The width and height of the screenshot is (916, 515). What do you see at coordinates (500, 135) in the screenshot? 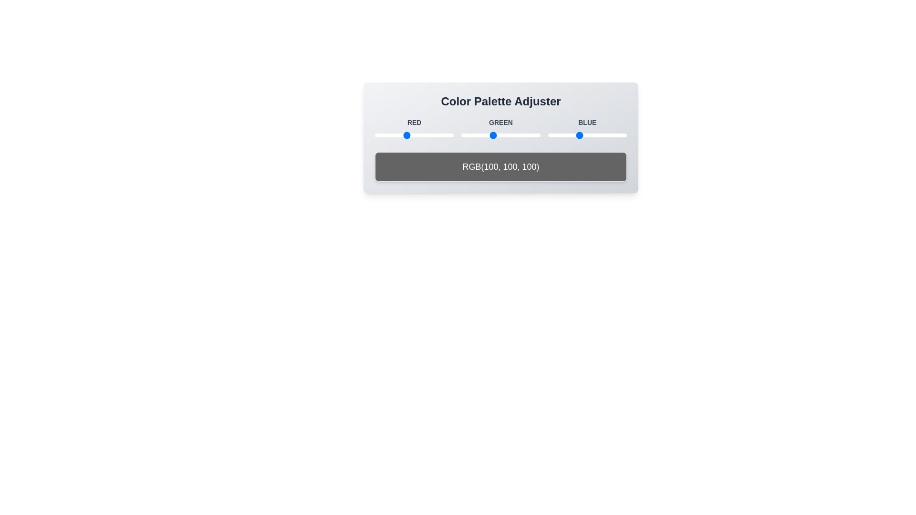
I see `the green color value to 125 by adjusting the slider` at bounding box center [500, 135].